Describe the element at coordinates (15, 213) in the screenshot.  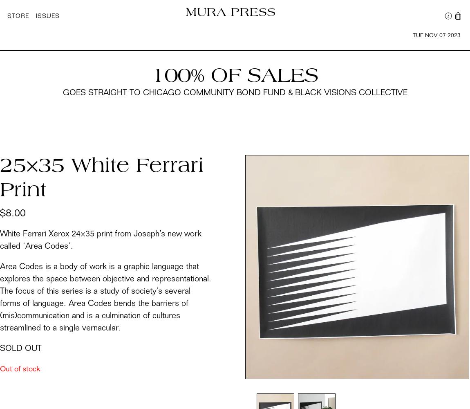
I see `'8.00'` at that location.